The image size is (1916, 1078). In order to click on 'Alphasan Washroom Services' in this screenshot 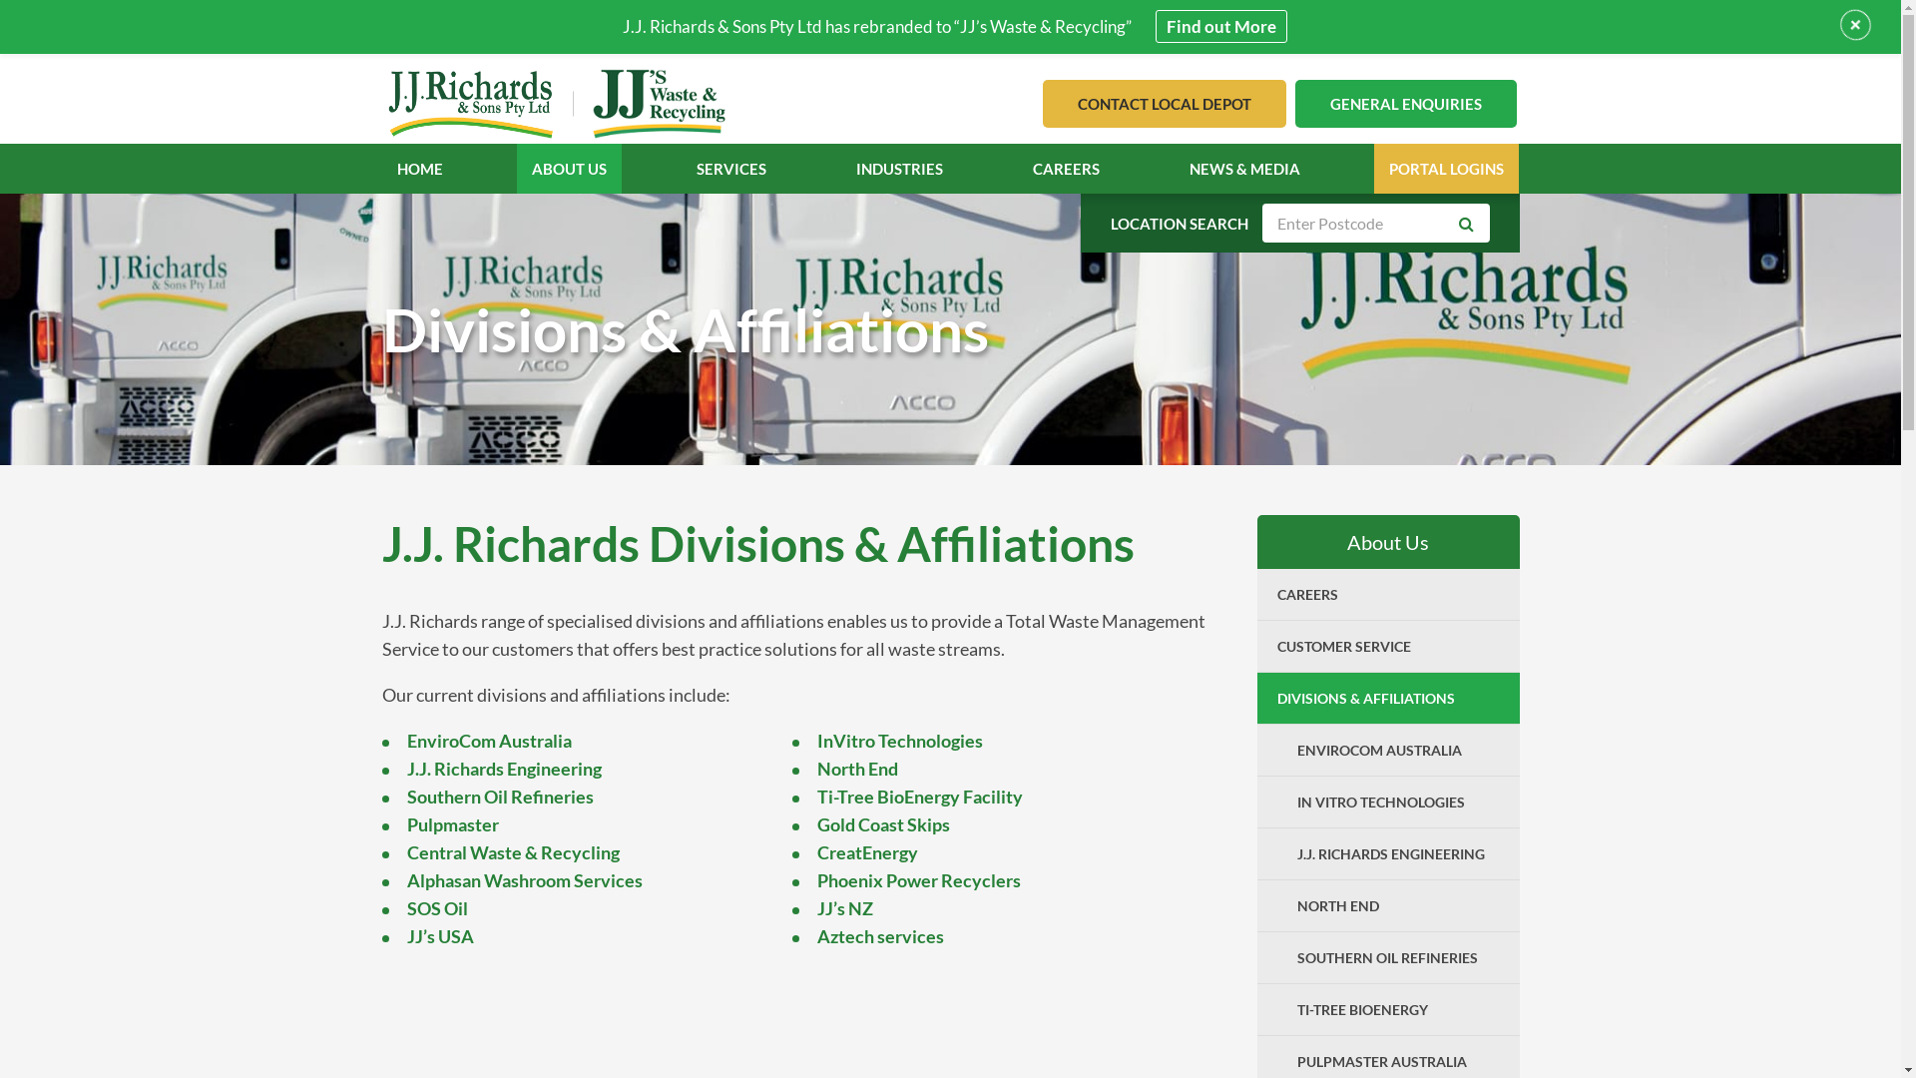, I will do `click(525, 879)`.